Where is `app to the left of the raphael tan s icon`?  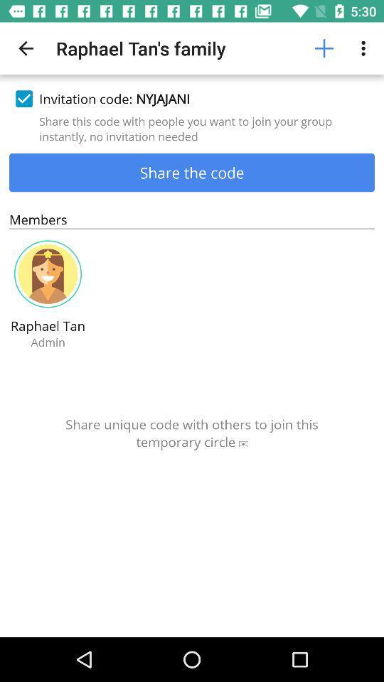 app to the left of the raphael tan s icon is located at coordinates (26, 48).